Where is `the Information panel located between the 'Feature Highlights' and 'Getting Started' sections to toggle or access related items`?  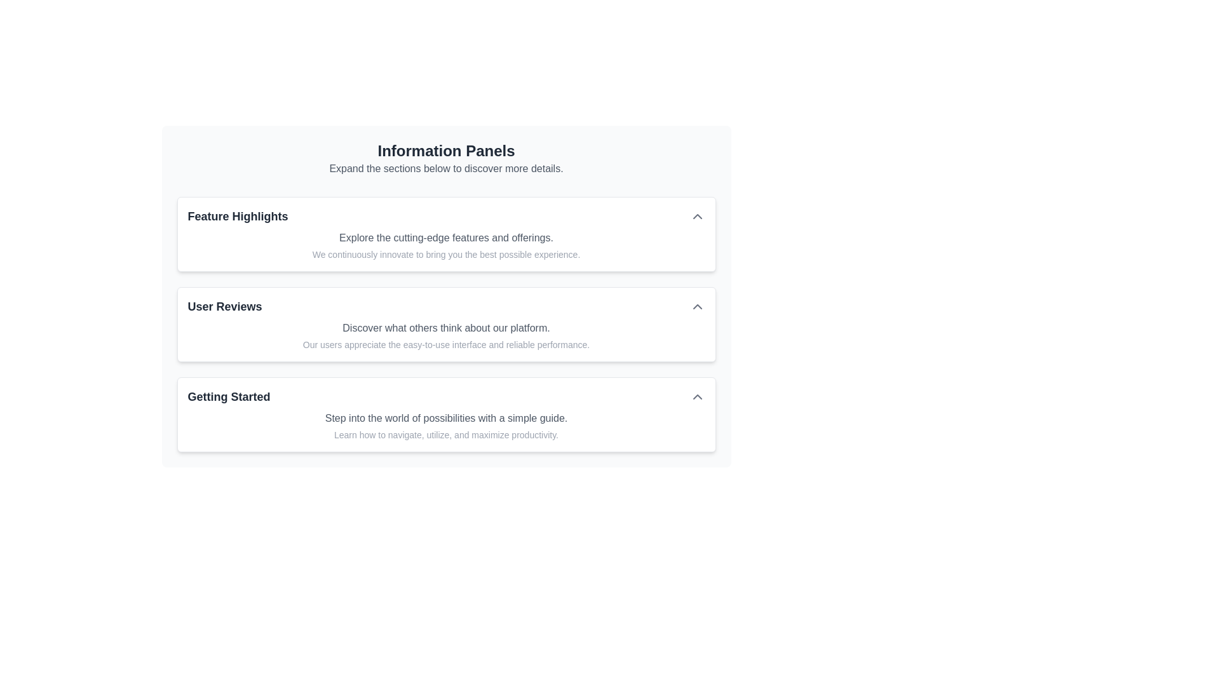
the Information panel located between the 'Feature Highlights' and 'Getting Started' sections to toggle or access related items is located at coordinates (446, 323).